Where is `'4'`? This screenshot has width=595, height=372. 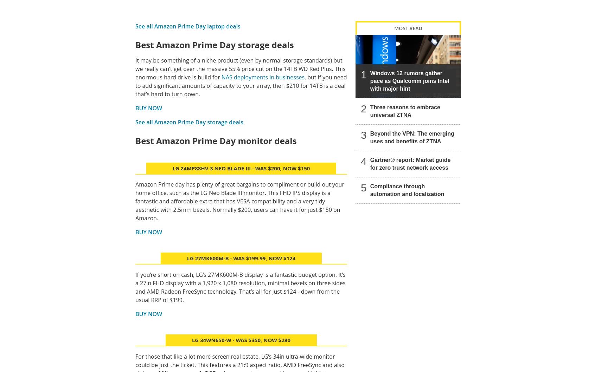
'4' is located at coordinates (363, 161).